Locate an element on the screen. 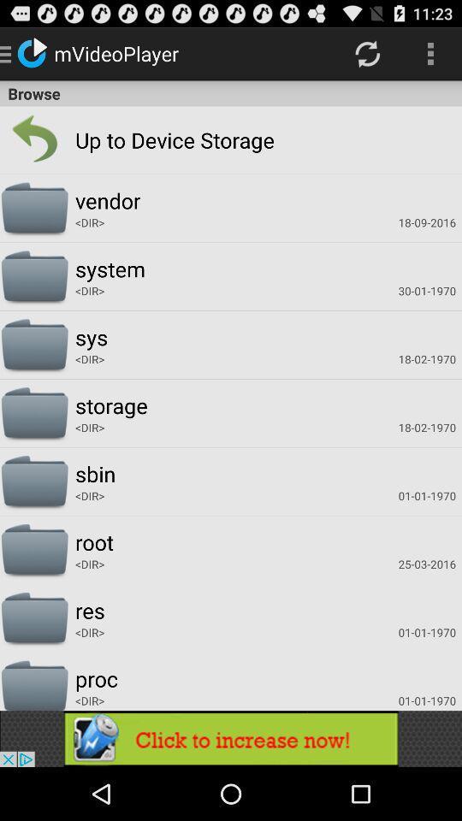 This screenshot has width=462, height=821. the item next to up to storage icon is located at coordinates (34, 139).